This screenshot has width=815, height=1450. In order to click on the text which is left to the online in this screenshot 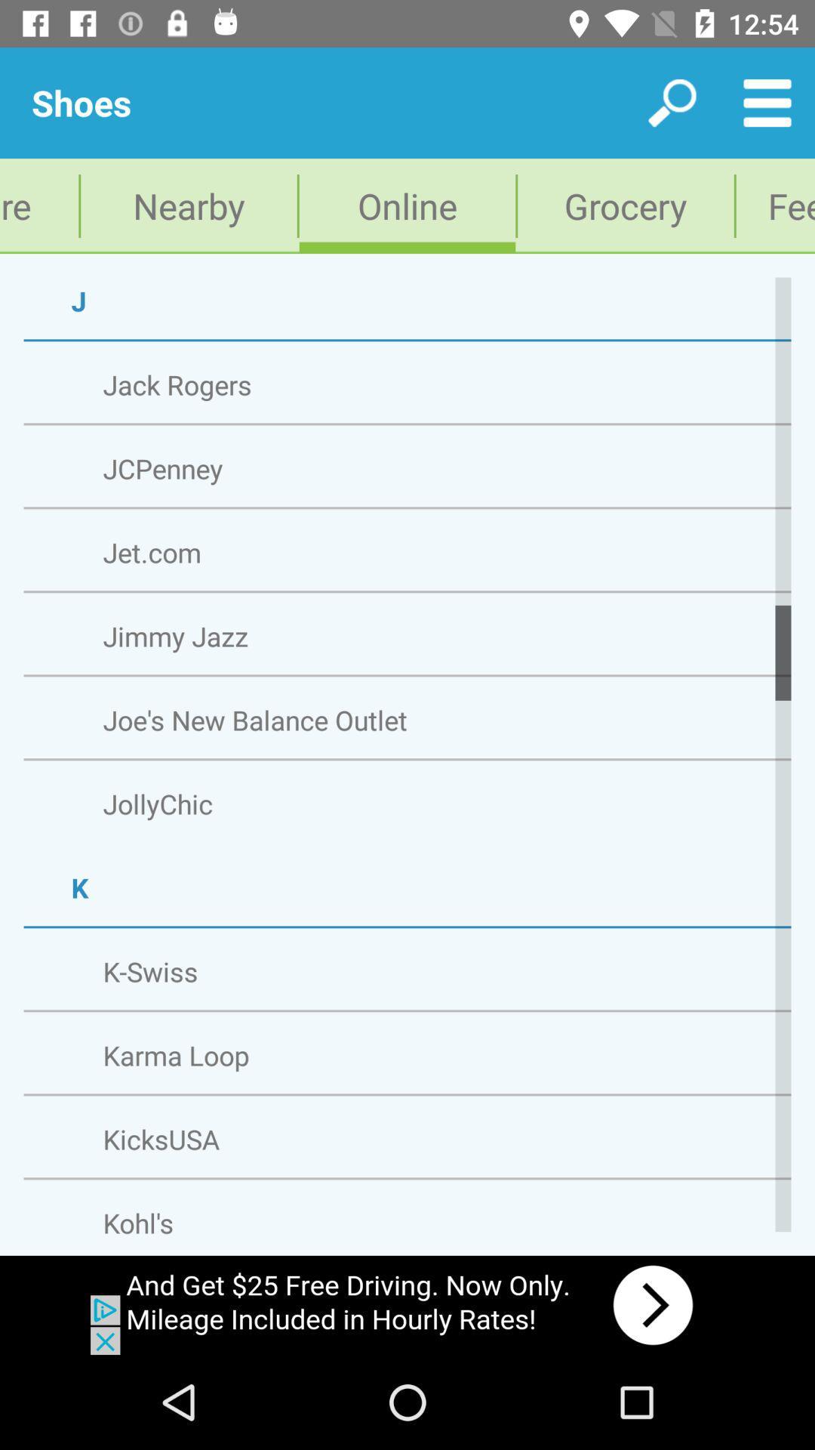, I will do `click(188, 205)`.